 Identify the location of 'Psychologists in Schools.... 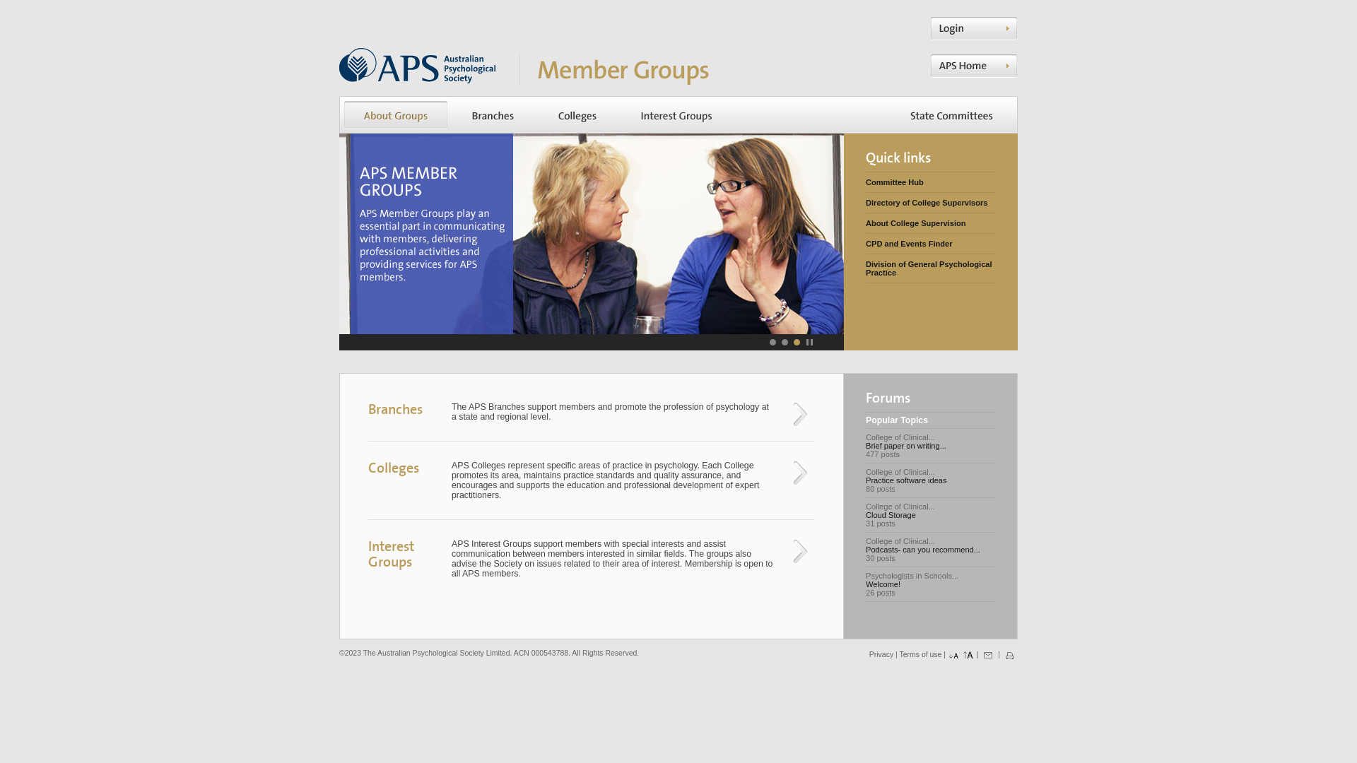
(930, 584).